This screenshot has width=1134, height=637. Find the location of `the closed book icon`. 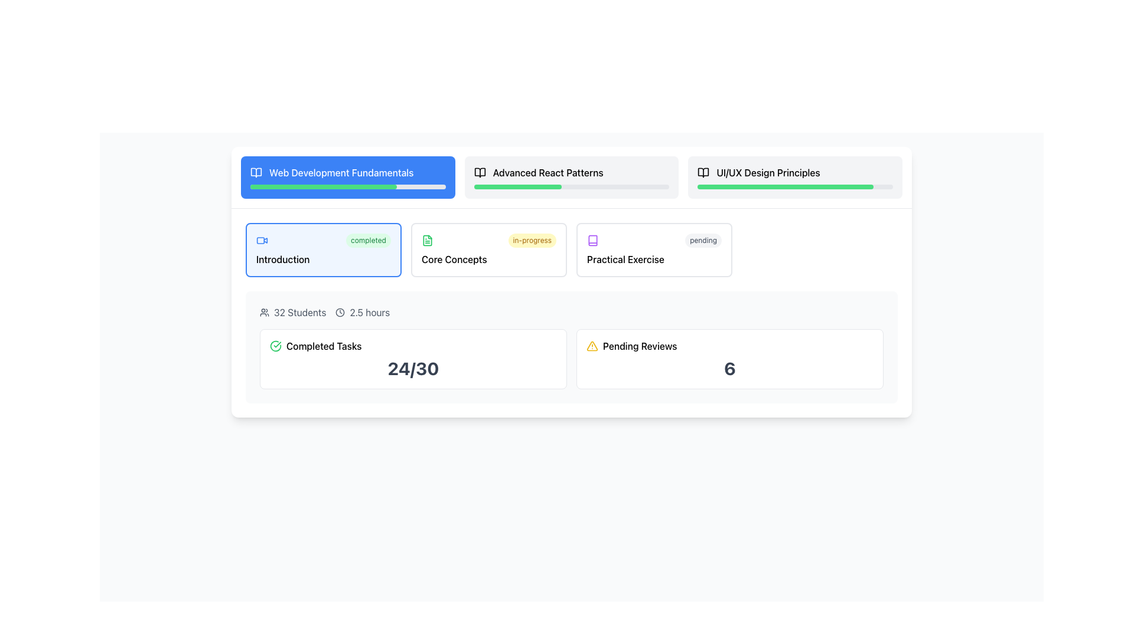

the closed book icon is located at coordinates (592, 240).